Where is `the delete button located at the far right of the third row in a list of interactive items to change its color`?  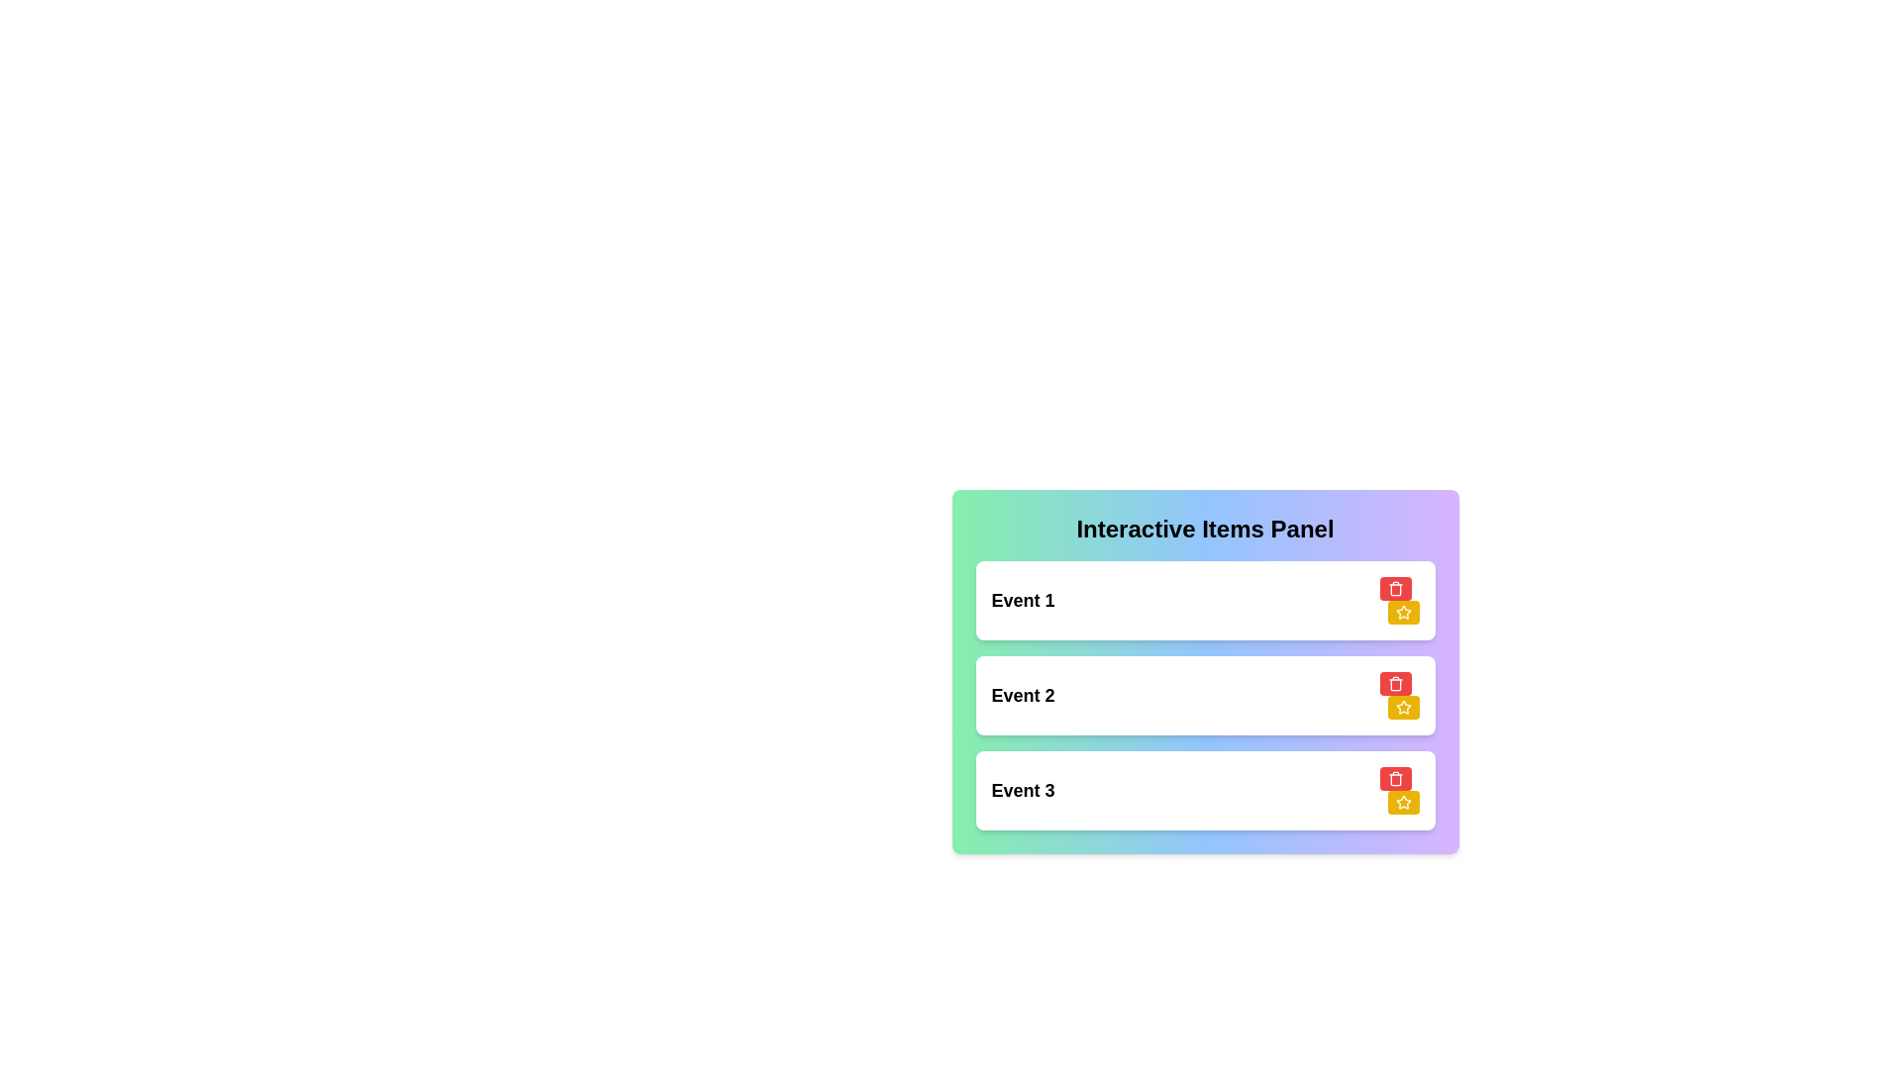 the delete button located at the far right of the third row in a list of interactive items to change its color is located at coordinates (1394, 777).